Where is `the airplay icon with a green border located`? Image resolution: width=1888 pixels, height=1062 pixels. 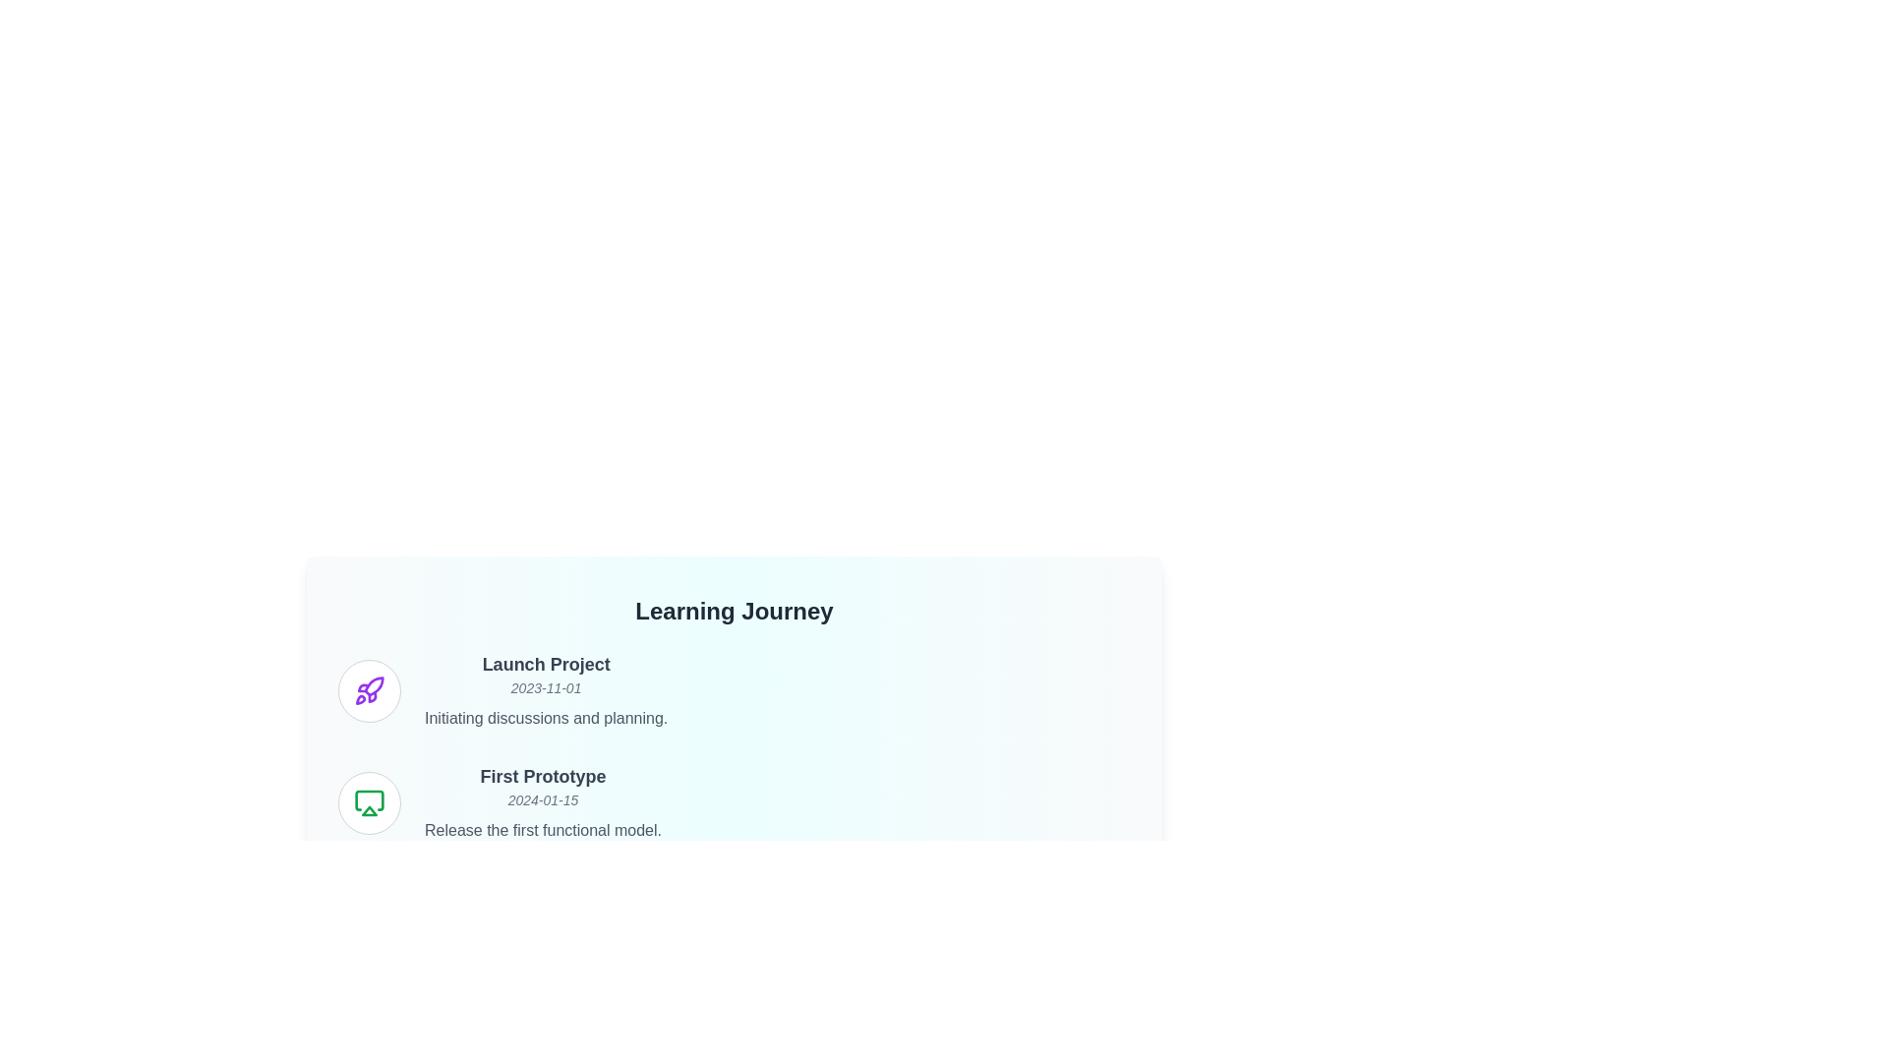
the airplay icon with a green border located is located at coordinates (369, 803).